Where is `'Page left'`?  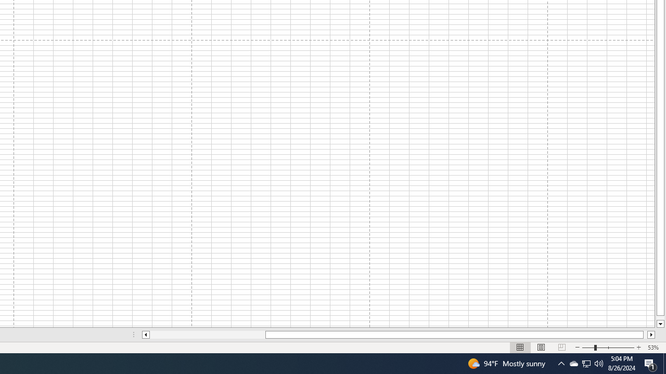
'Page left' is located at coordinates (207, 335).